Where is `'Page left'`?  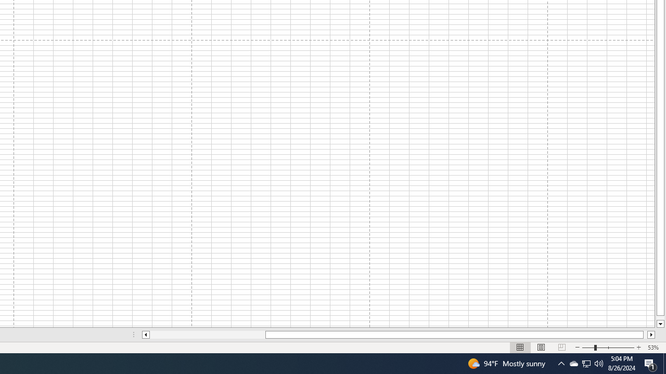
'Page left' is located at coordinates (207, 335).